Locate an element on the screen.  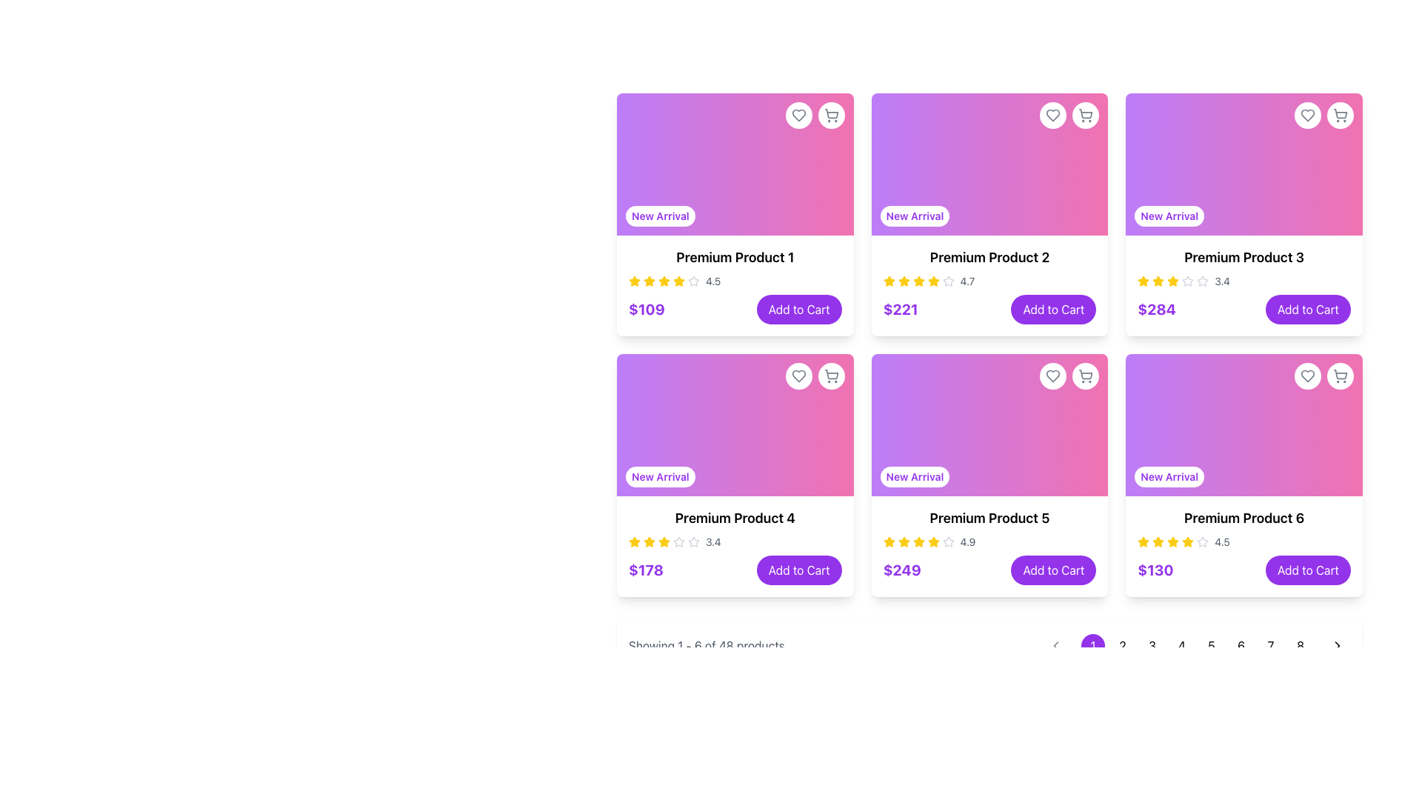
displayed price text for the product 'Premium Product 6' located in the bottom-right corner of the product grid, above the 'Add to Cart' button and below the rating stars is located at coordinates (1155, 570).